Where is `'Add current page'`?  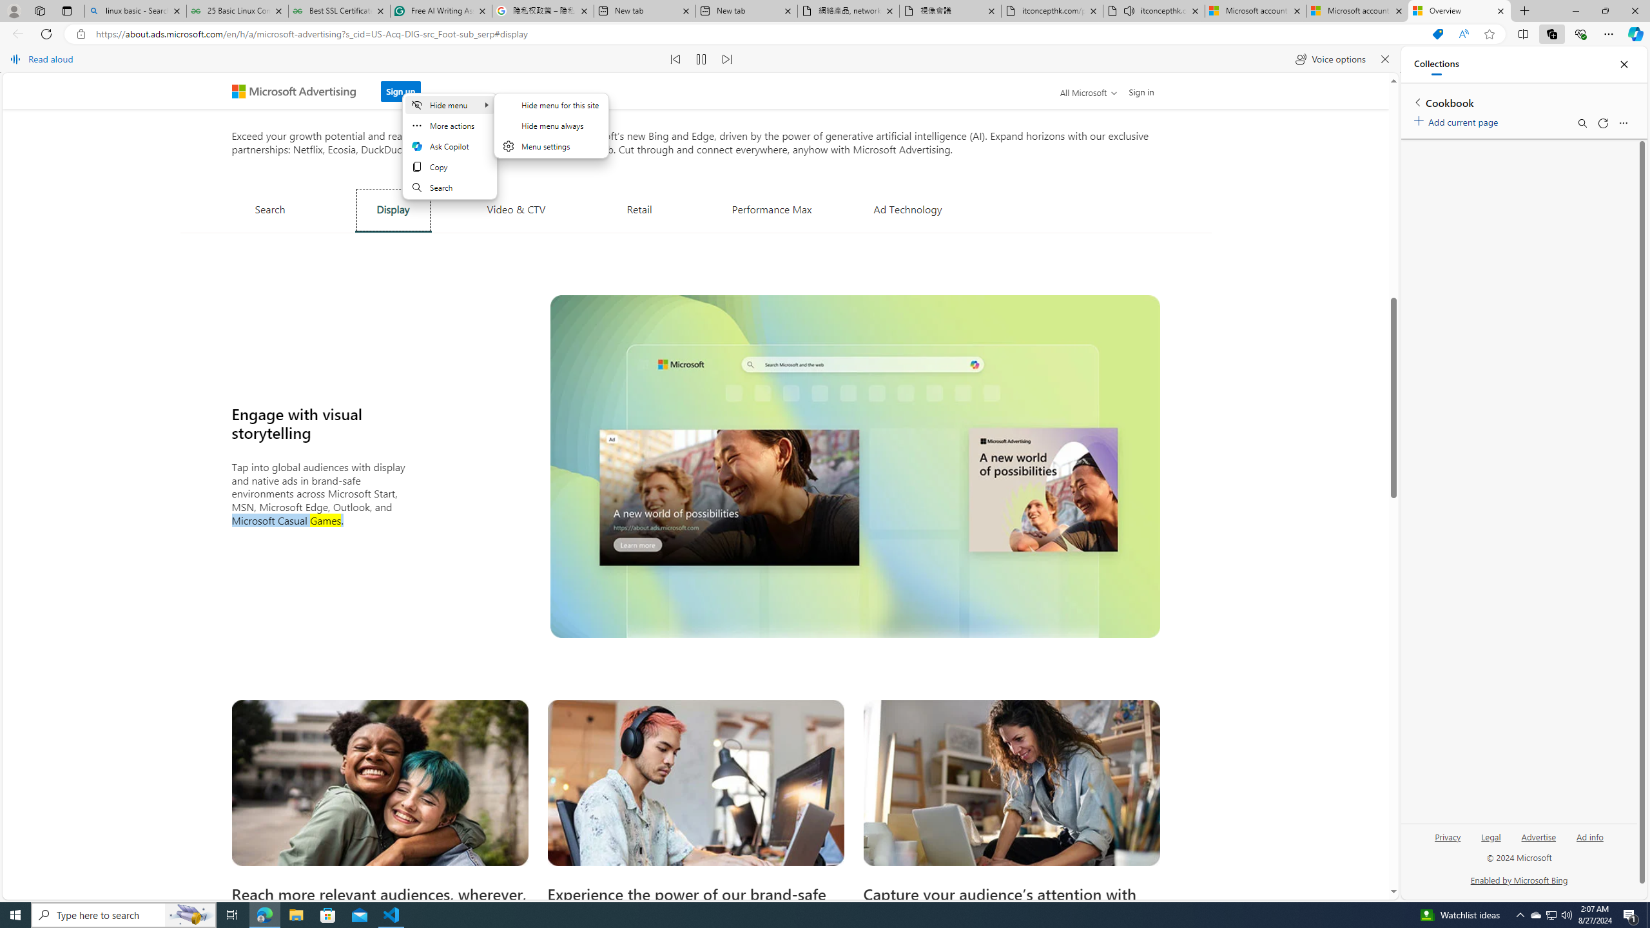 'Add current page' is located at coordinates (1458, 119).